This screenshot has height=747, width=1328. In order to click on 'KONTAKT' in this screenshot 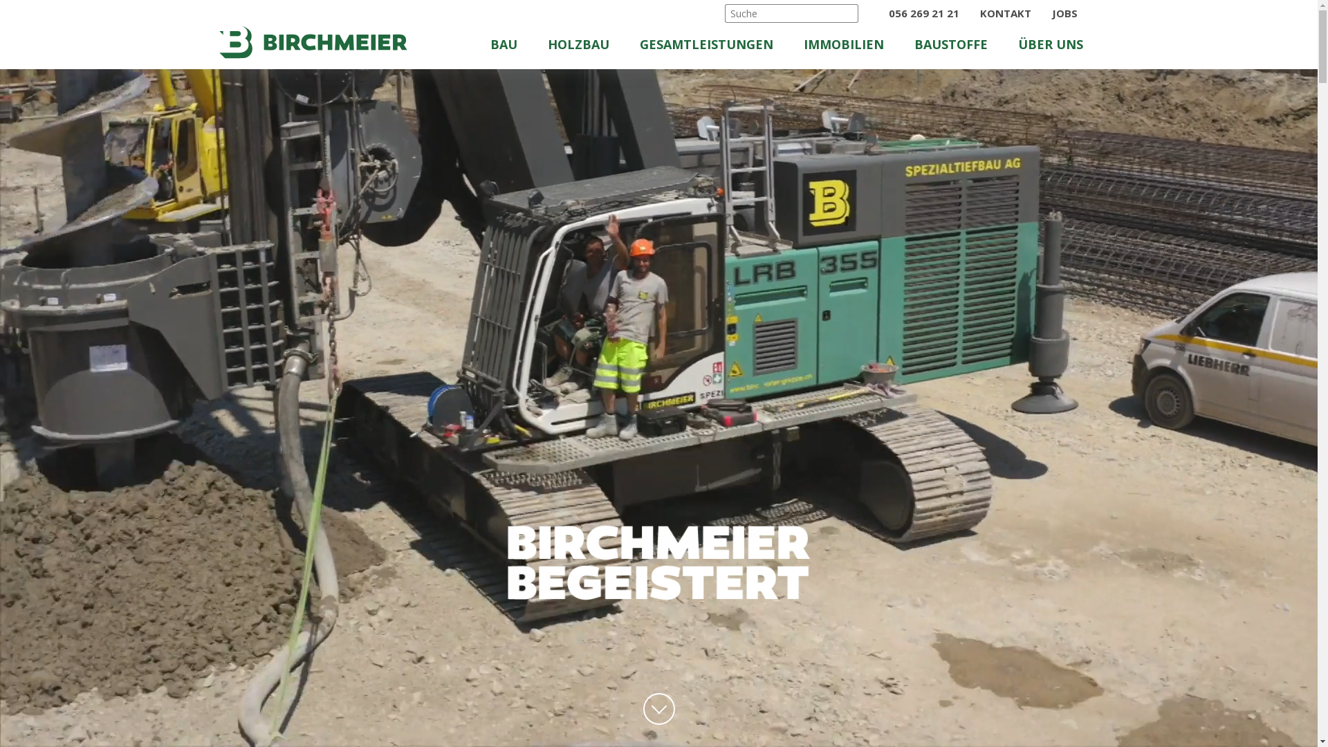, I will do `click(1006, 13)`.